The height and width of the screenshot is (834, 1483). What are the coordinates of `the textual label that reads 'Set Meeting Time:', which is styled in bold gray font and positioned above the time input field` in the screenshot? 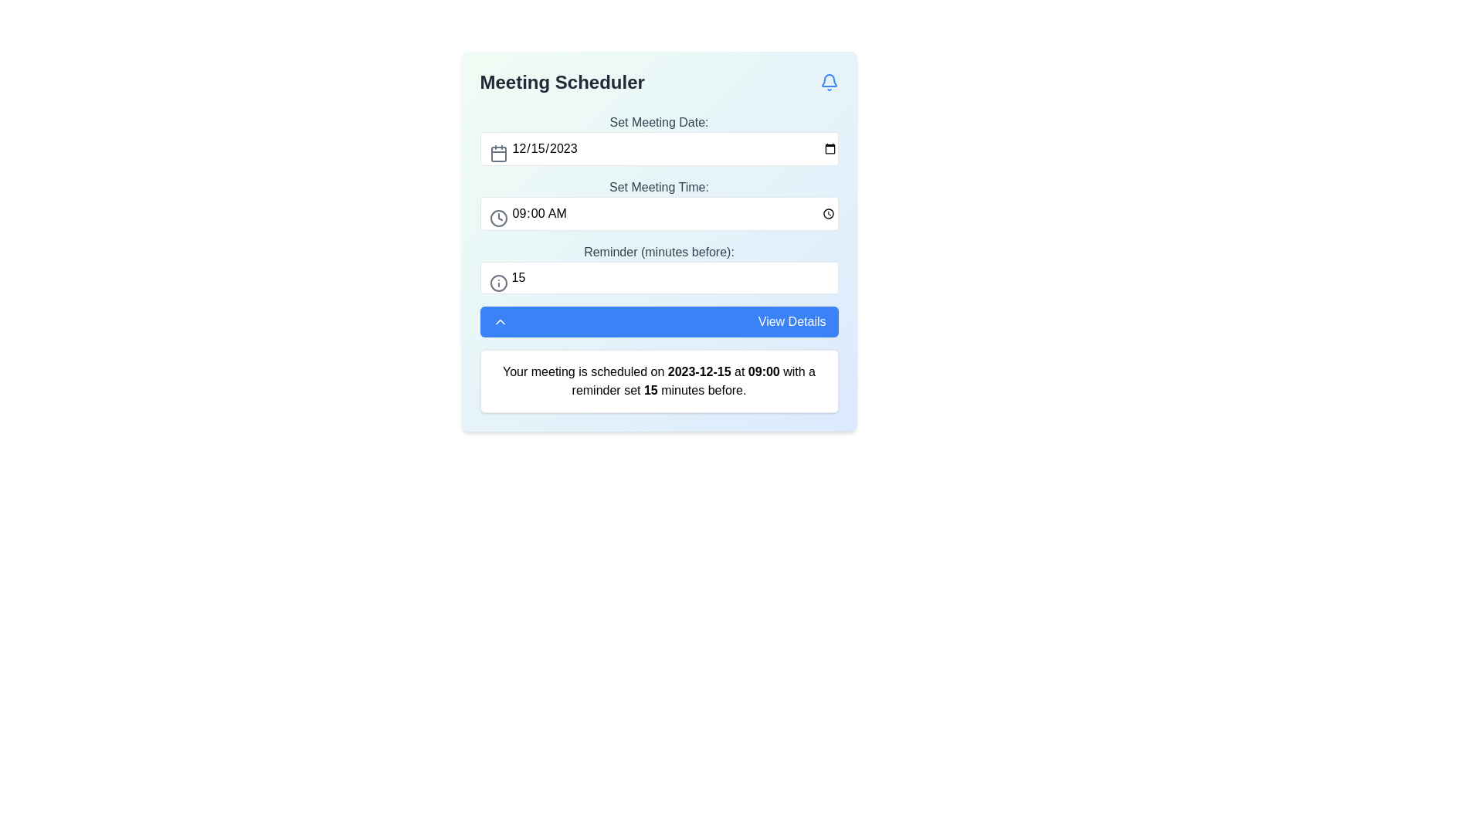 It's located at (659, 187).